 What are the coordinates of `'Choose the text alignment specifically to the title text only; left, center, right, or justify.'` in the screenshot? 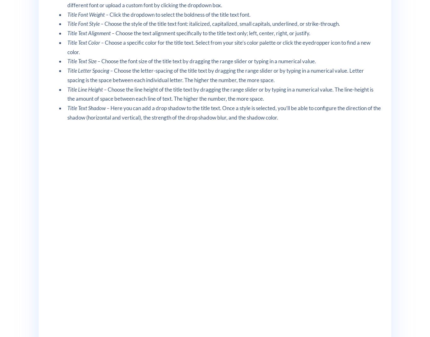 It's located at (212, 33).